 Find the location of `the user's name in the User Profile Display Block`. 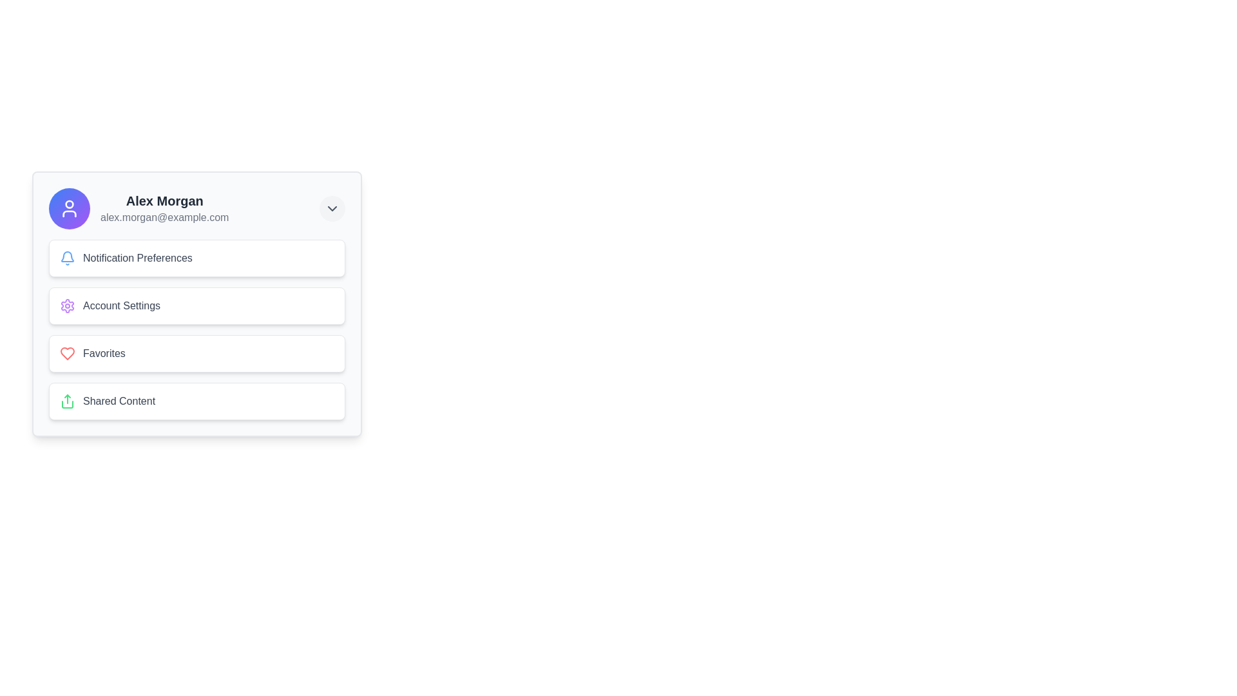

the user's name in the User Profile Display Block is located at coordinates (139, 208).